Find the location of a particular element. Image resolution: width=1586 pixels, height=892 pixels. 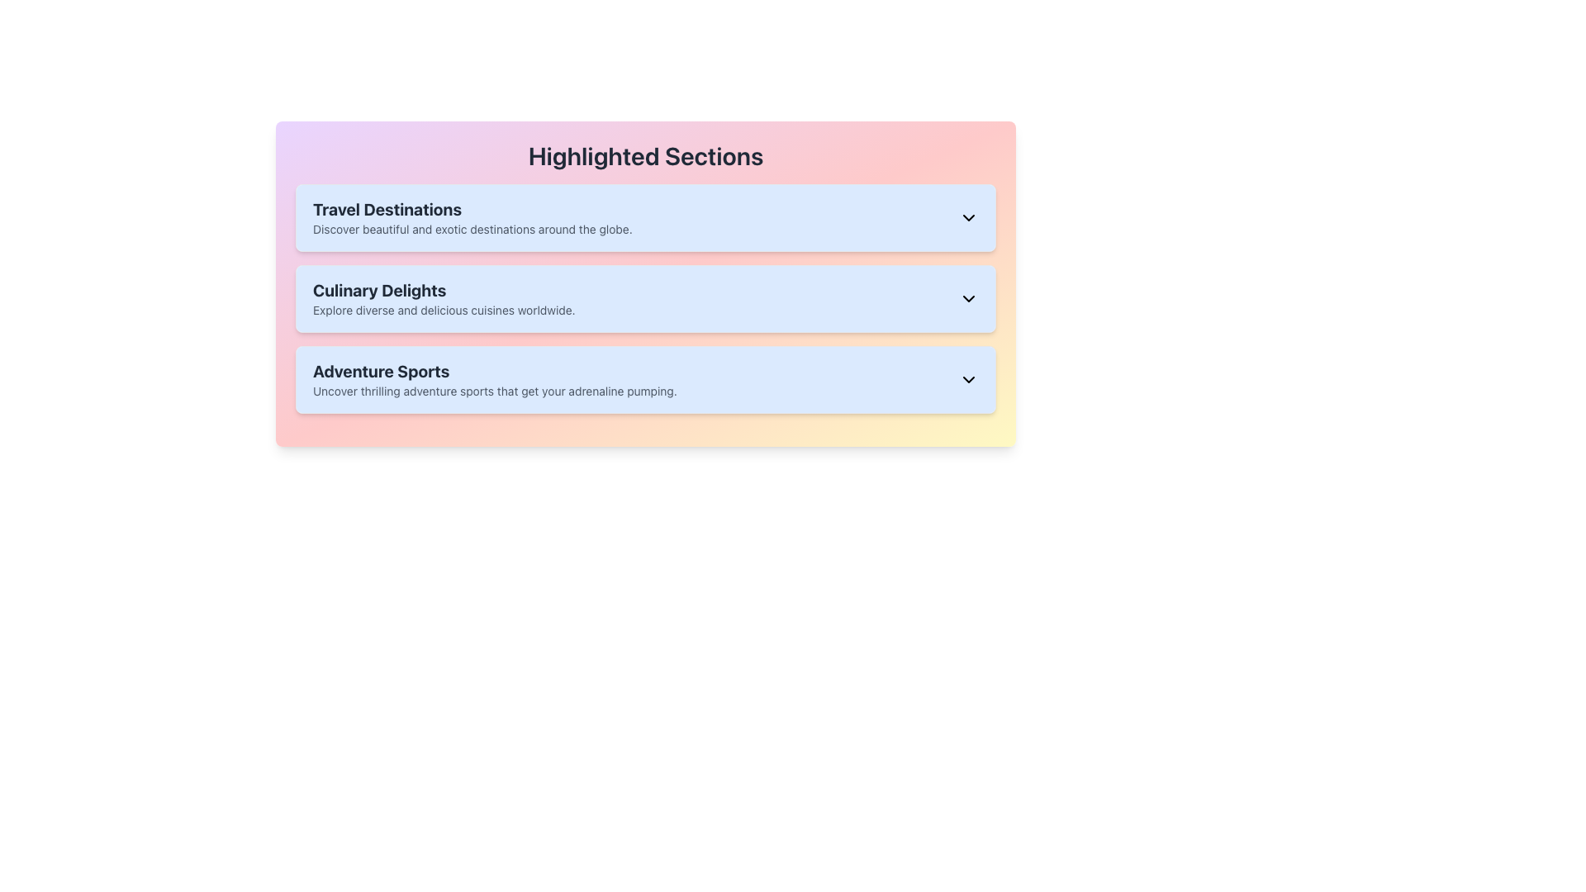

the dropdown indicator arrow located at the rightmost position in the 'Adventure Sports' section is located at coordinates (968, 379).